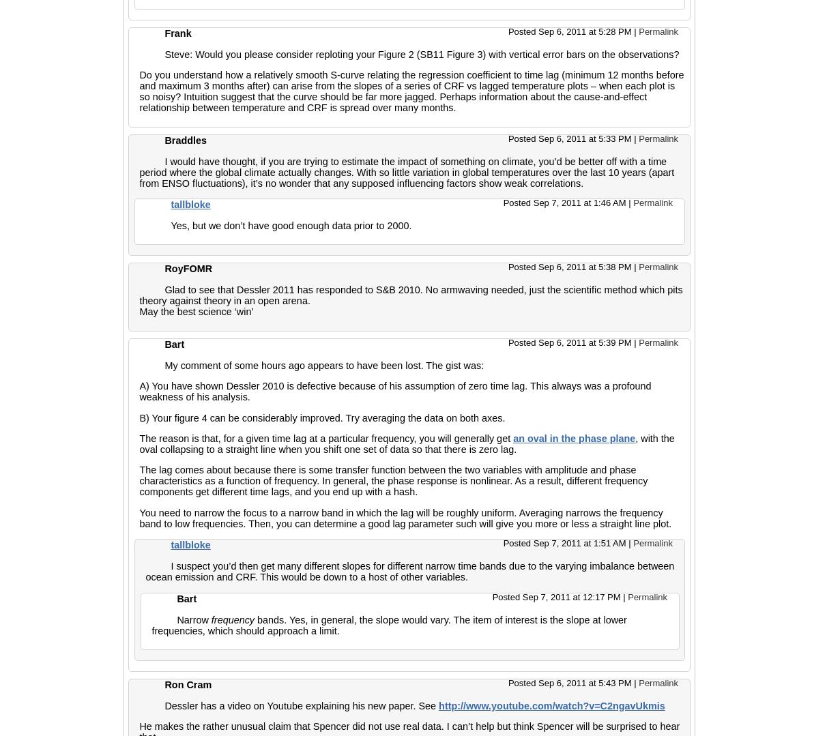 The image size is (827, 736). What do you see at coordinates (232, 618) in the screenshot?
I see `'frequency'` at bounding box center [232, 618].